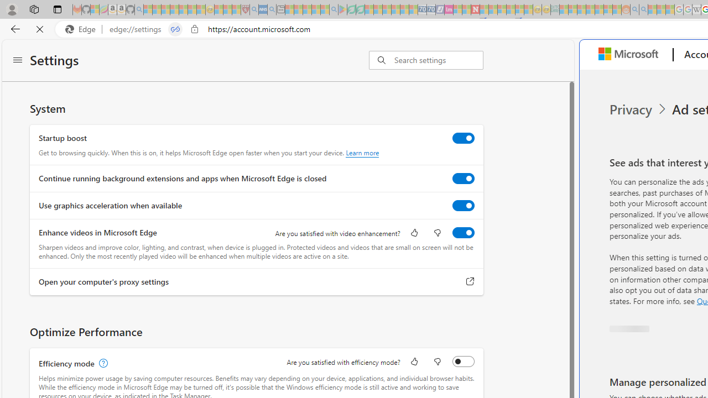  I want to click on 'Edge', so click(82, 29).